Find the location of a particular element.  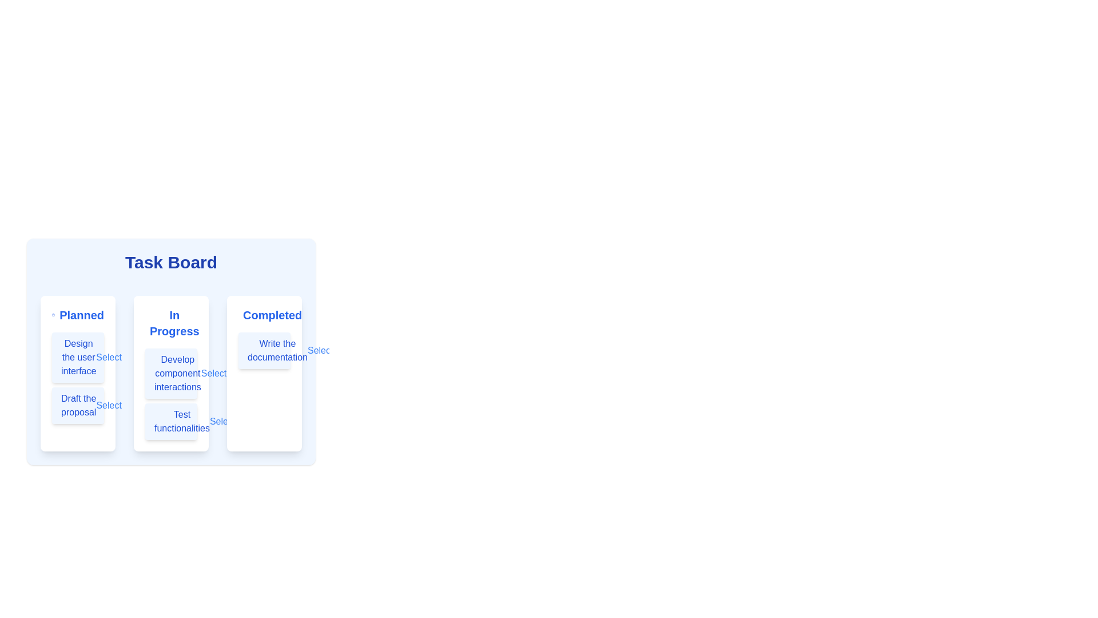

the circular SVG graphical element located in the 'In Progress' section, which is styled in a minimalistic manner and is part of an icon-like design is located at coordinates (151, 323).